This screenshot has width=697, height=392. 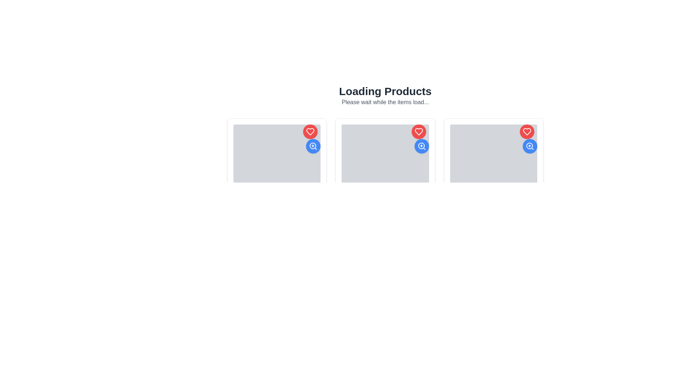 What do you see at coordinates (527, 131) in the screenshot?
I see `the small heart icon, which is outlined in white and located within a red circular button in the top-right corner of the card element` at bounding box center [527, 131].